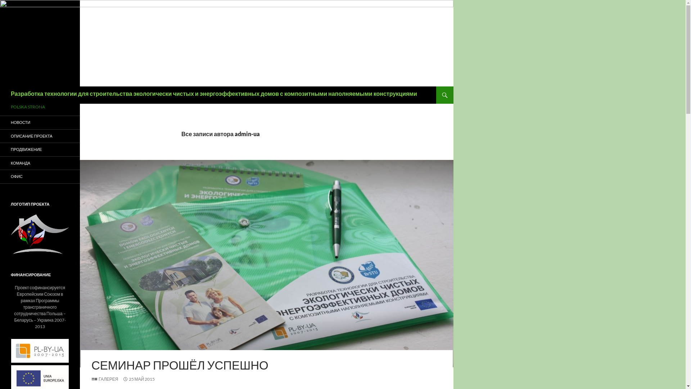  Describe the element at coordinates (39, 107) in the screenshot. I see `'POLSKA STRONA'` at that location.